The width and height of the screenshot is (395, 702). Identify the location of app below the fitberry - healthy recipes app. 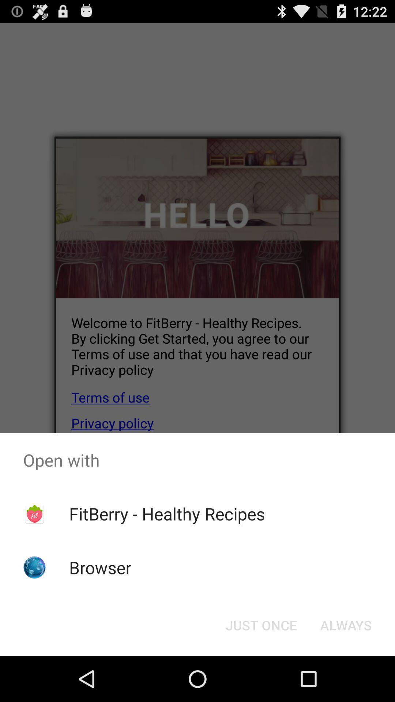
(100, 567).